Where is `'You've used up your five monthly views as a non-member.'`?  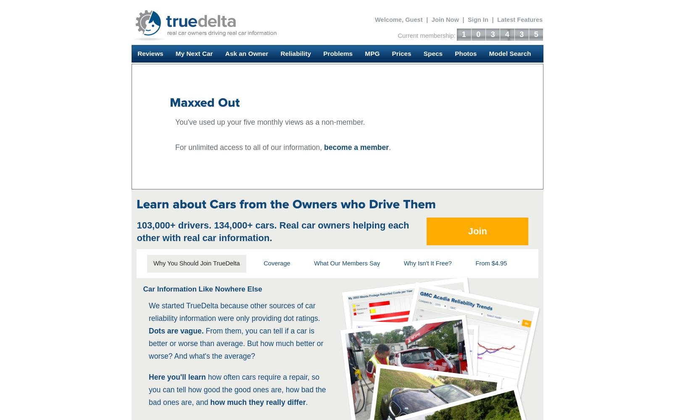 'You've used up your five monthly views as a non-member.' is located at coordinates (270, 122).